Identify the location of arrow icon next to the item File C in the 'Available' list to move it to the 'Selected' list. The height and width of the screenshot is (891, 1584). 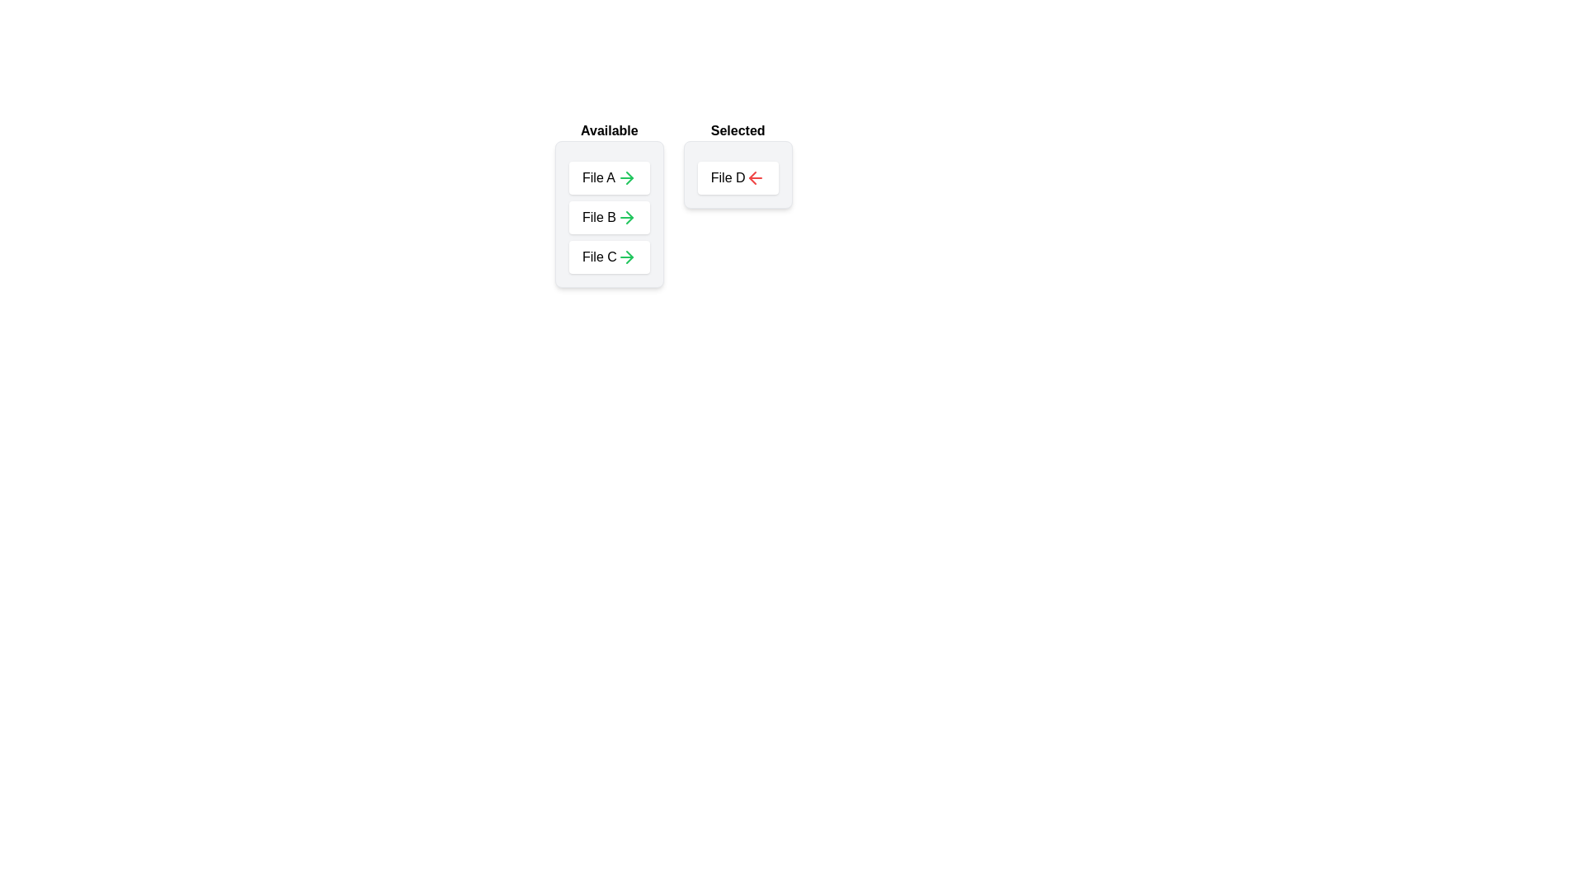
(625, 257).